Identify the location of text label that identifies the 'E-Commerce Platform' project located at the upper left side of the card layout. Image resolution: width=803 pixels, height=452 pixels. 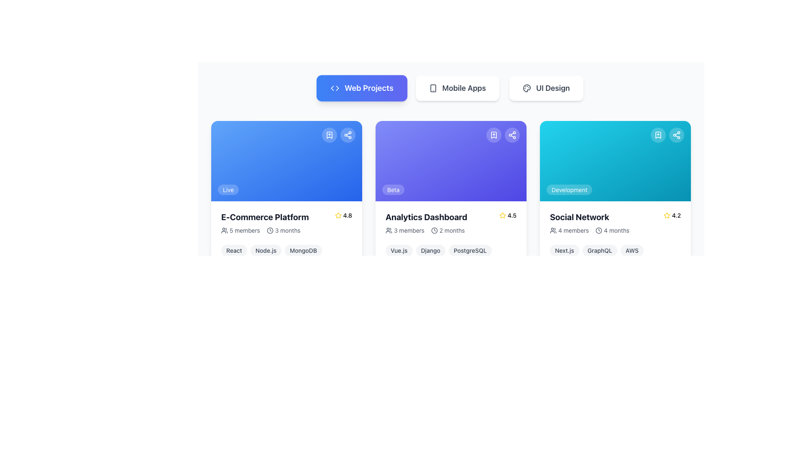
(264, 217).